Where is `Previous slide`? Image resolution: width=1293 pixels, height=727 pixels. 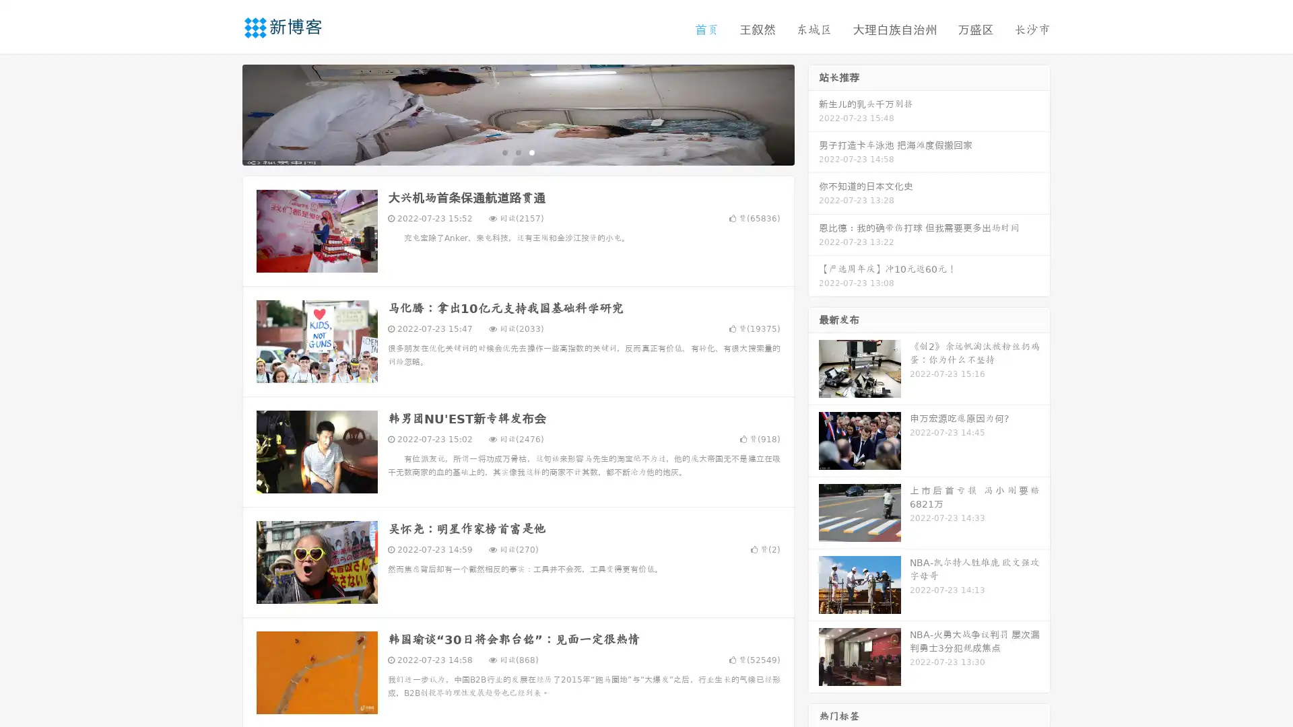 Previous slide is located at coordinates (222, 113).